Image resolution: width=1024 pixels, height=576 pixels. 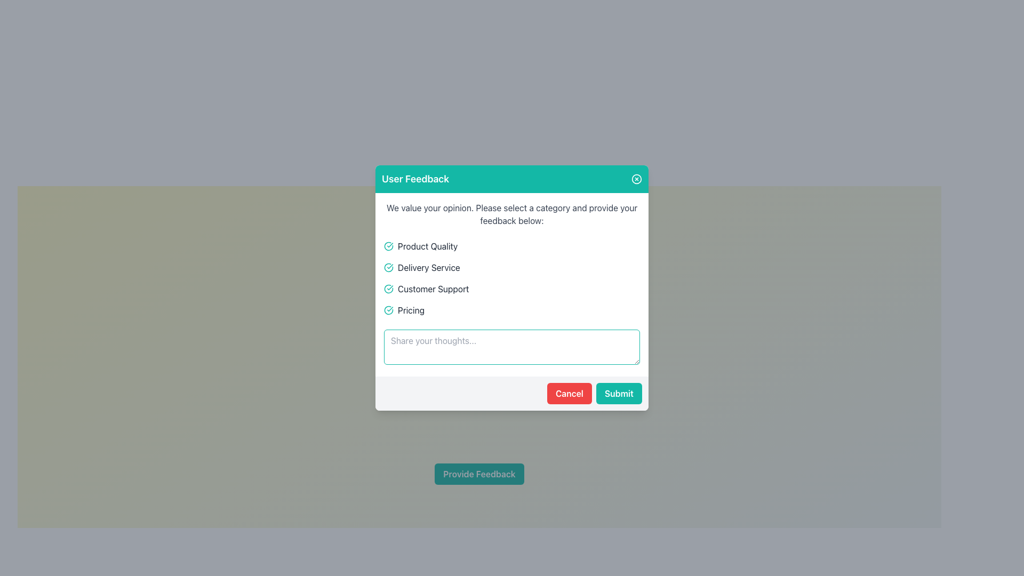 What do you see at coordinates (388, 289) in the screenshot?
I see `the Decorative icon (checkmark) which is a teal-green circular component with a checkmark, located to the left of the 'Customer Support' text in the feedback form` at bounding box center [388, 289].